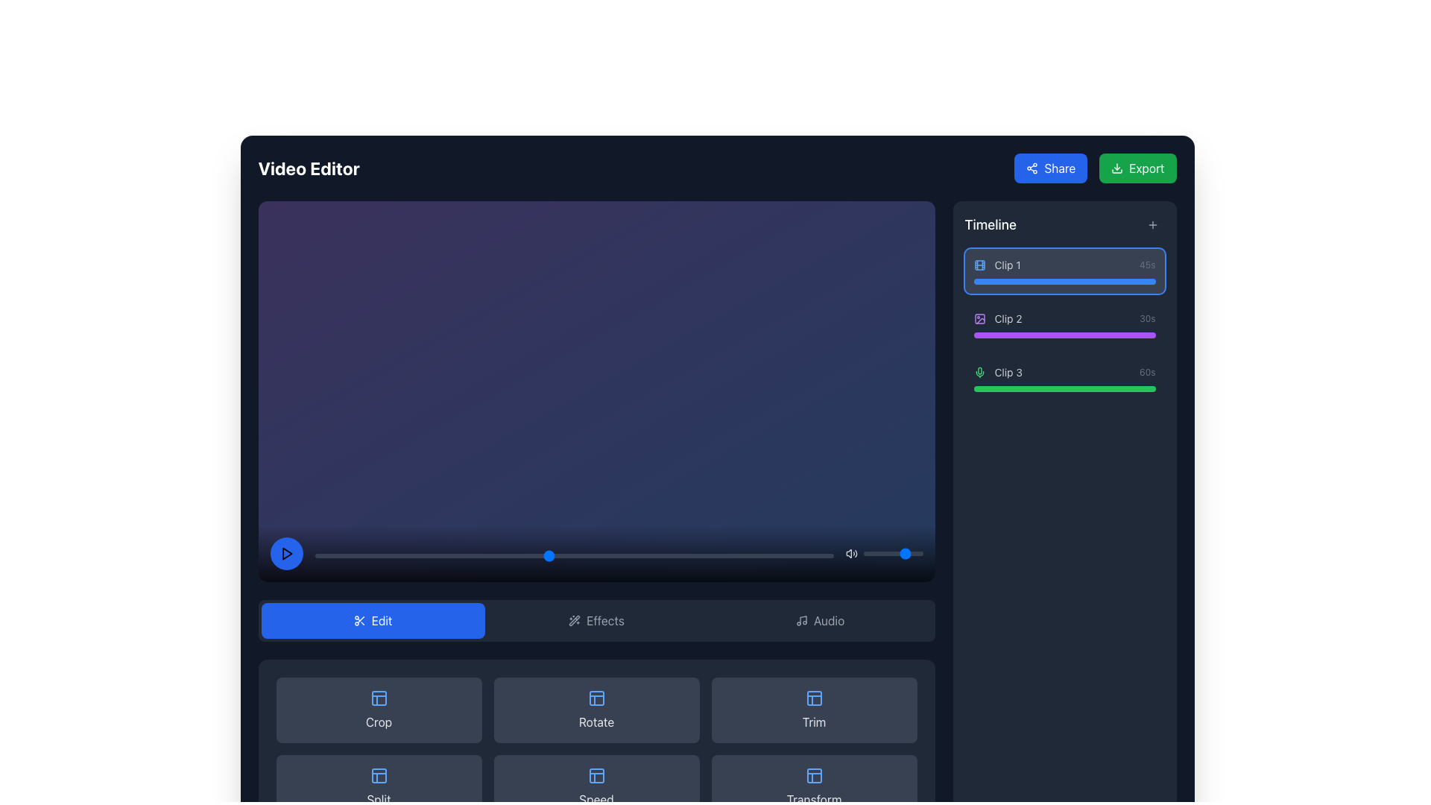  What do you see at coordinates (605, 620) in the screenshot?
I see `the 'Effects' button, which is located on the navigation bar below the video editor interface, to possibly display a tooltip` at bounding box center [605, 620].